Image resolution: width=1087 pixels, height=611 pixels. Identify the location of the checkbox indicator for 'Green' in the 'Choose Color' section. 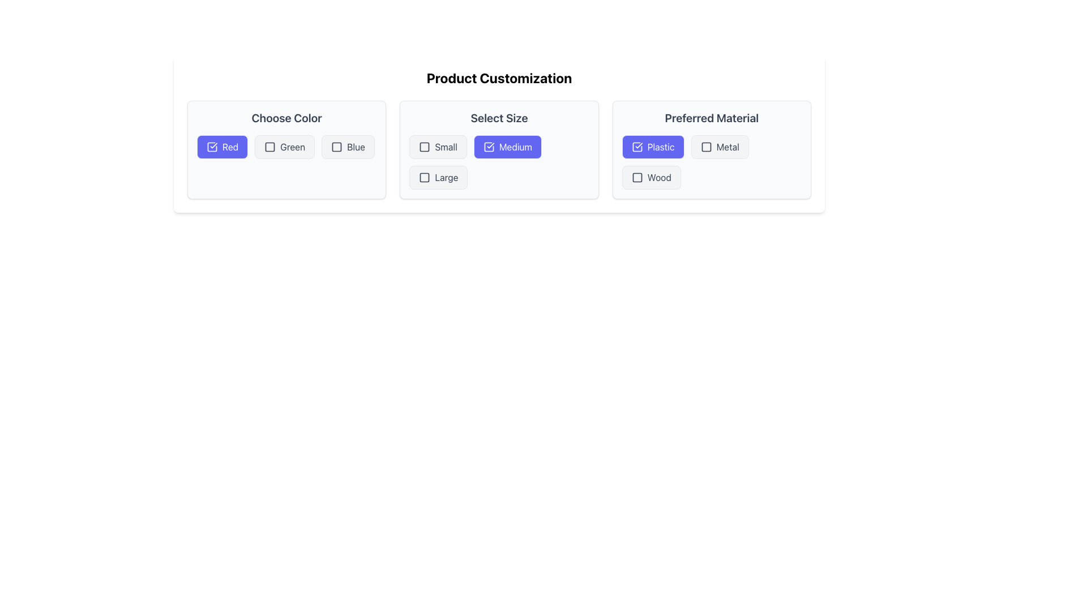
(269, 146).